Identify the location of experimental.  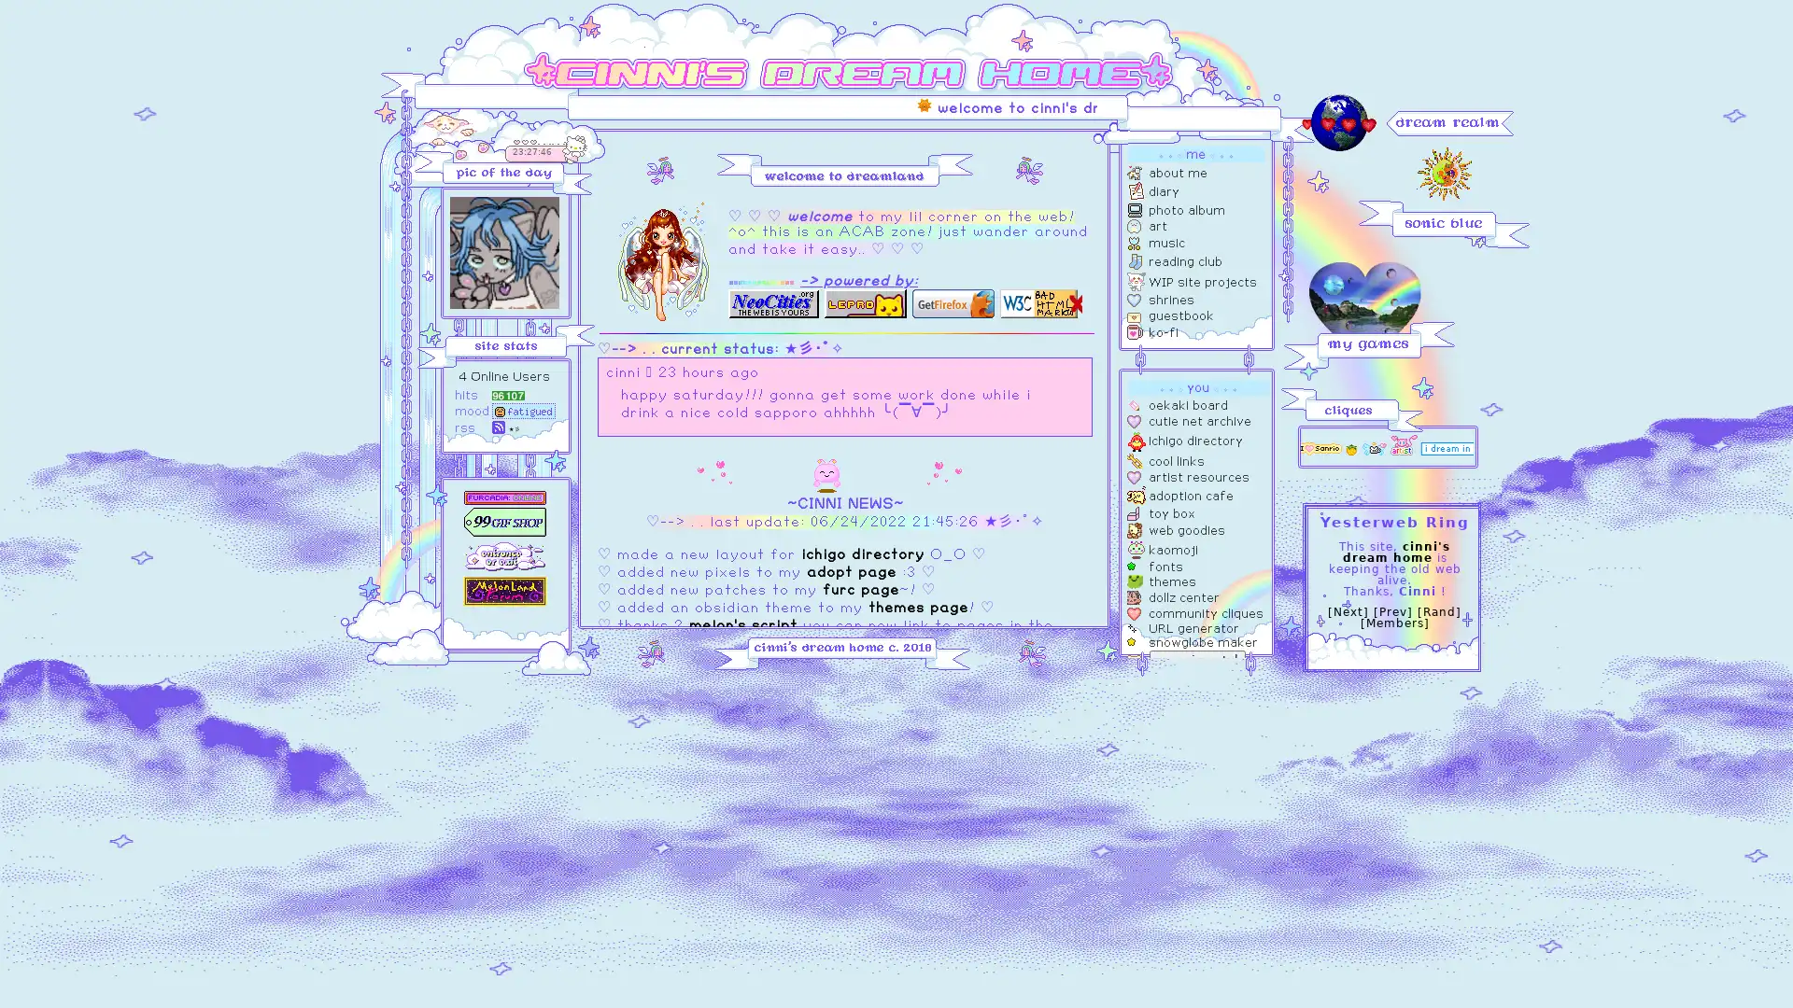
(1197, 658).